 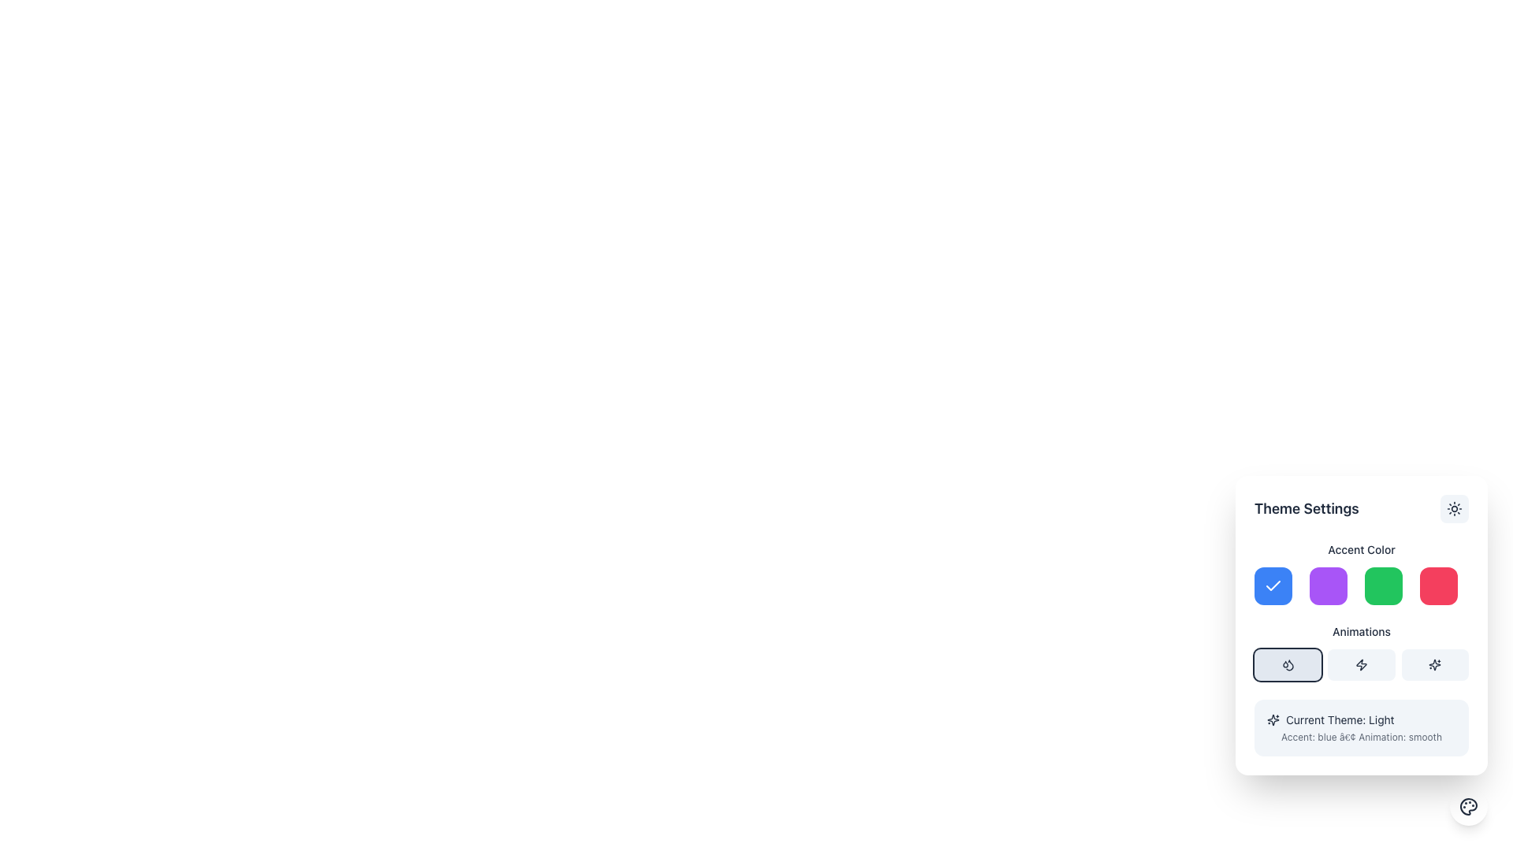 What do you see at coordinates (1361, 652) in the screenshot?
I see `the button` at bounding box center [1361, 652].